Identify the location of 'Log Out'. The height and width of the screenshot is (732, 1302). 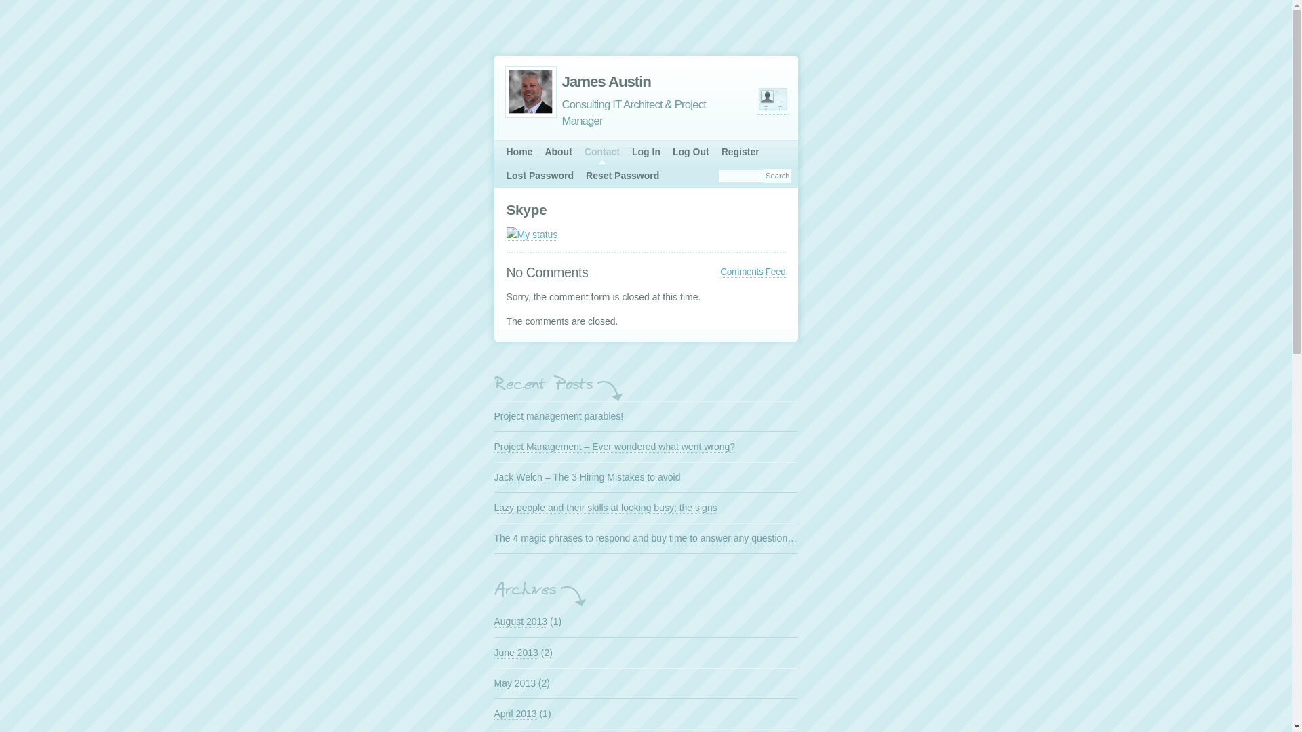
(690, 152).